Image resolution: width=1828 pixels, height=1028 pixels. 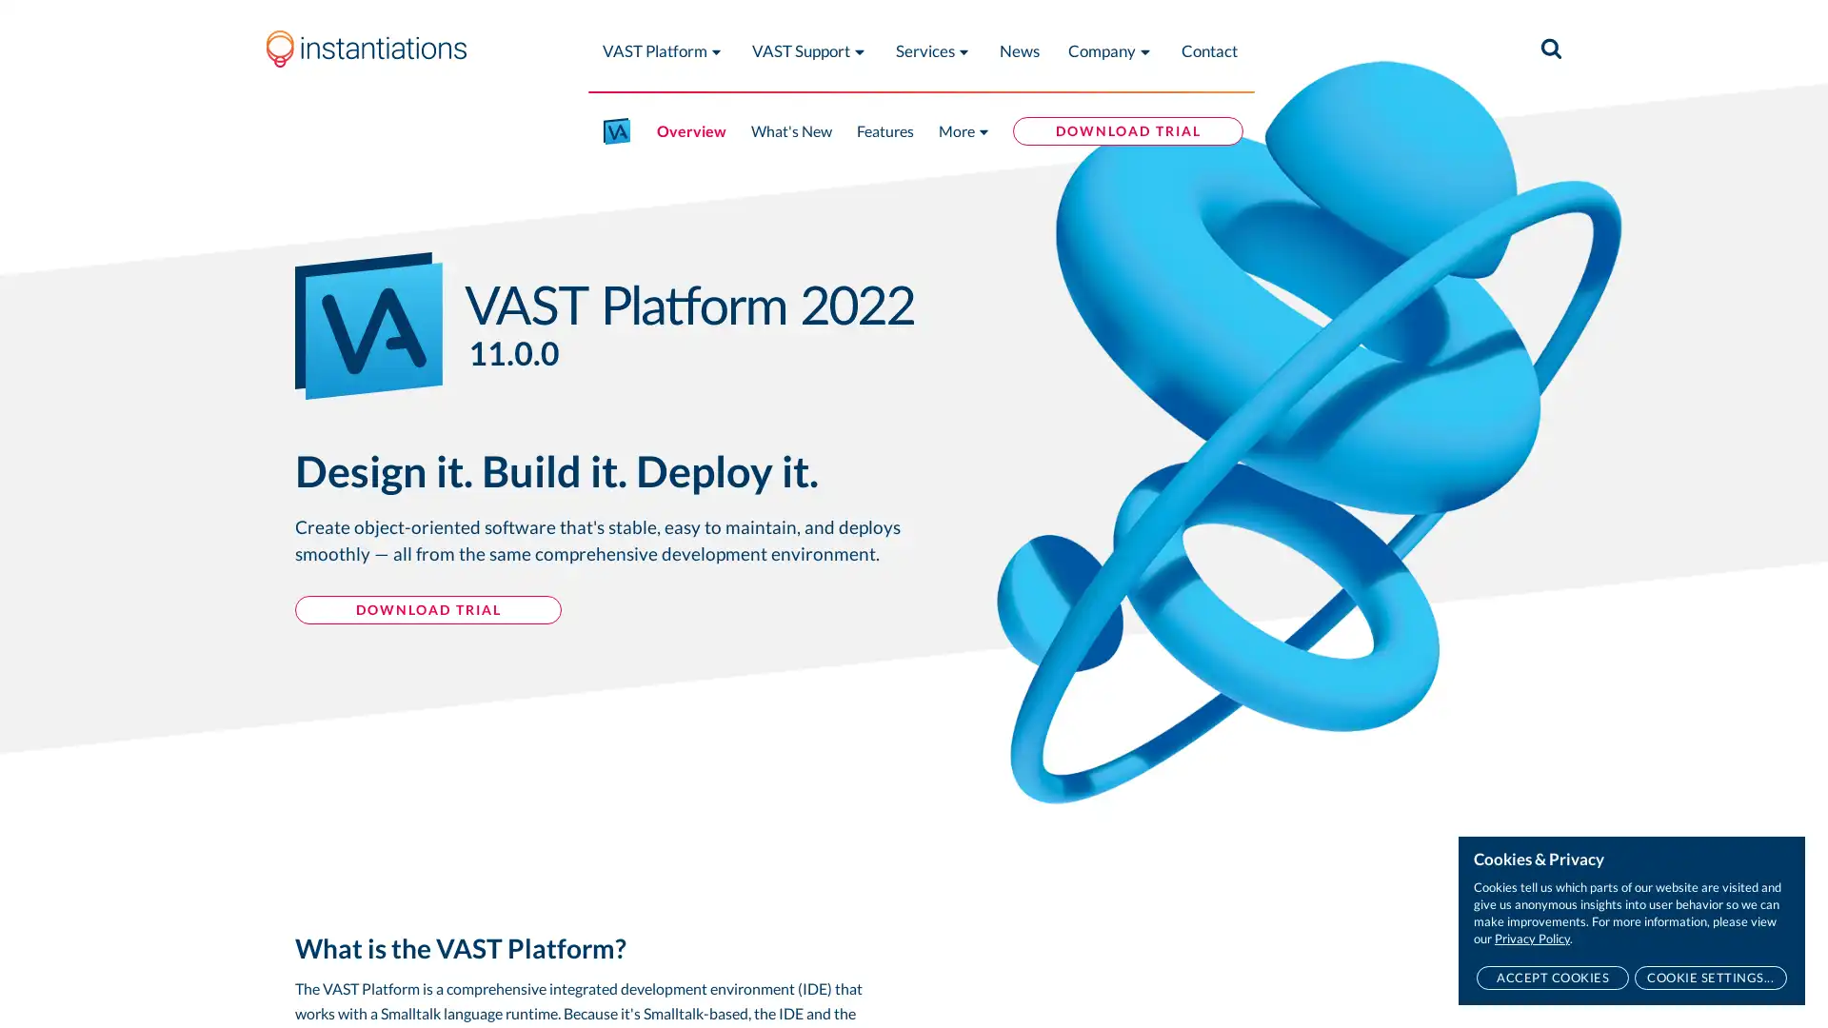 What do you see at coordinates (1552, 978) in the screenshot?
I see `ACCEPT COOKIES` at bounding box center [1552, 978].